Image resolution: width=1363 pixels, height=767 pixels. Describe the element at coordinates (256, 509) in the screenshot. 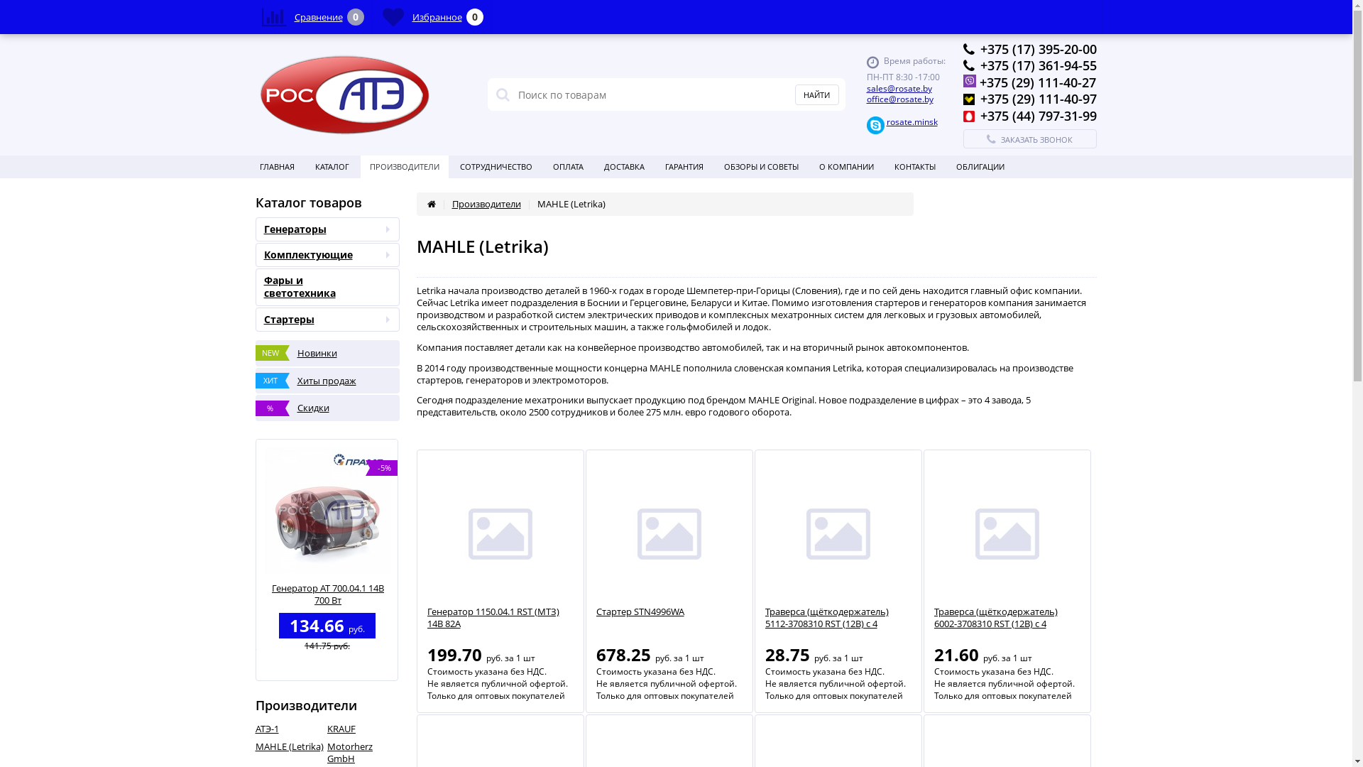

I see `'-5%'` at that location.